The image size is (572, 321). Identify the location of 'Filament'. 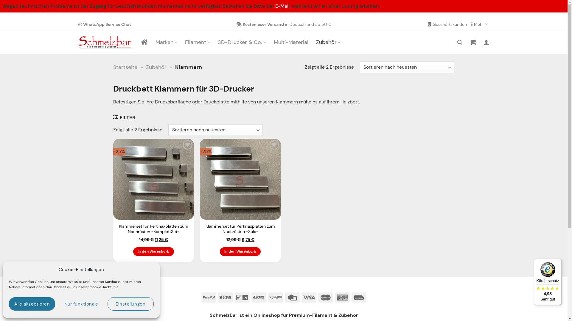
(197, 42).